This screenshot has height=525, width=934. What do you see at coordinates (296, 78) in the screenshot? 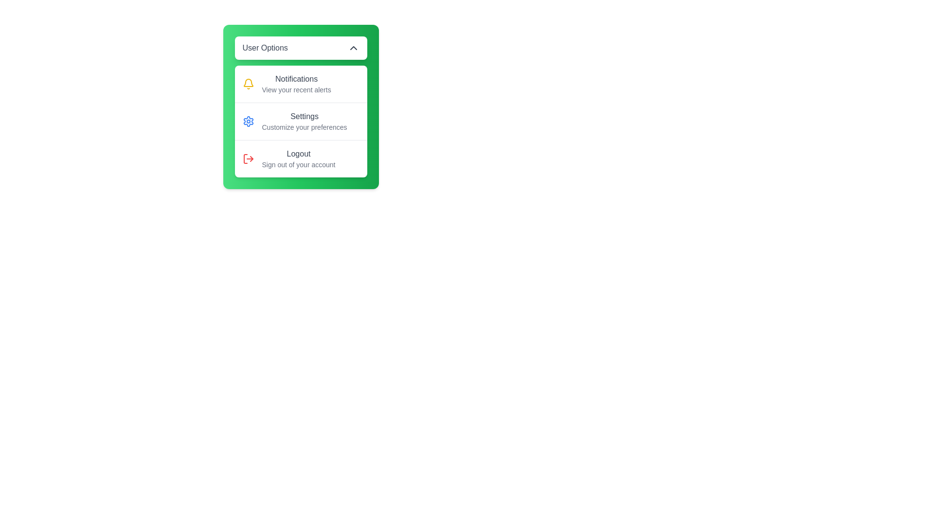
I see `the 'Notifications' label located in the 'User Options' menu, positioned above the 'View your recent alerts' text and beside the bell icon` at bounding box center [296, 78].